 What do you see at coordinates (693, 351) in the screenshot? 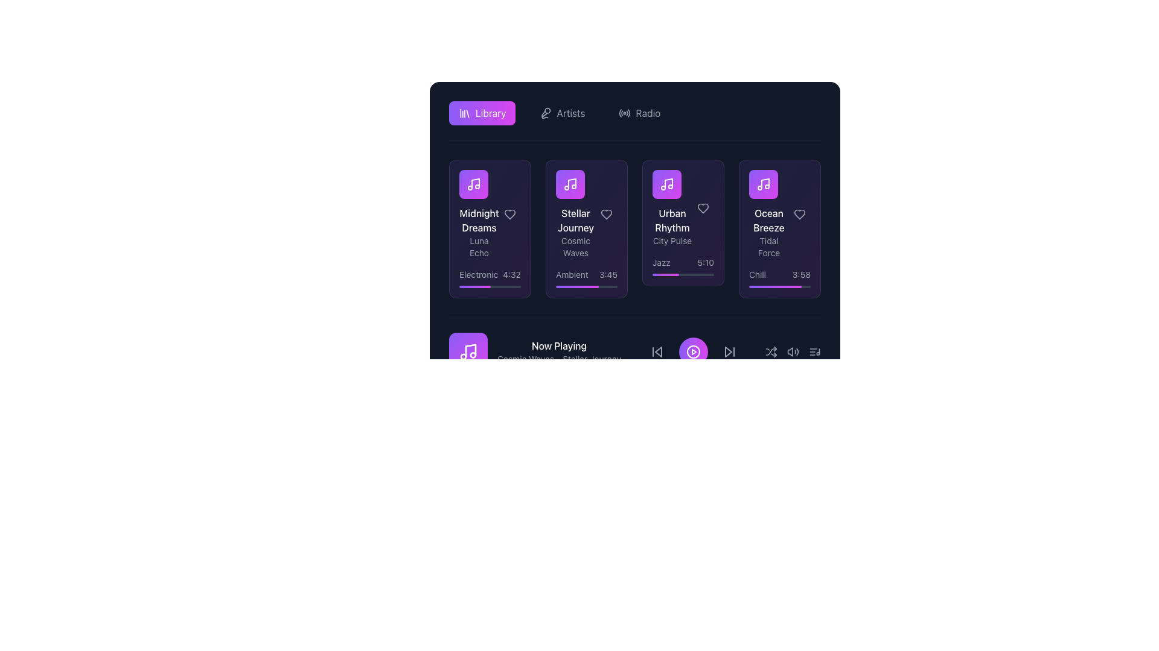
I see `the playback control button located at the bottom center of the interface, below the 'Now Playing' area` at bounding box center [693, 351].